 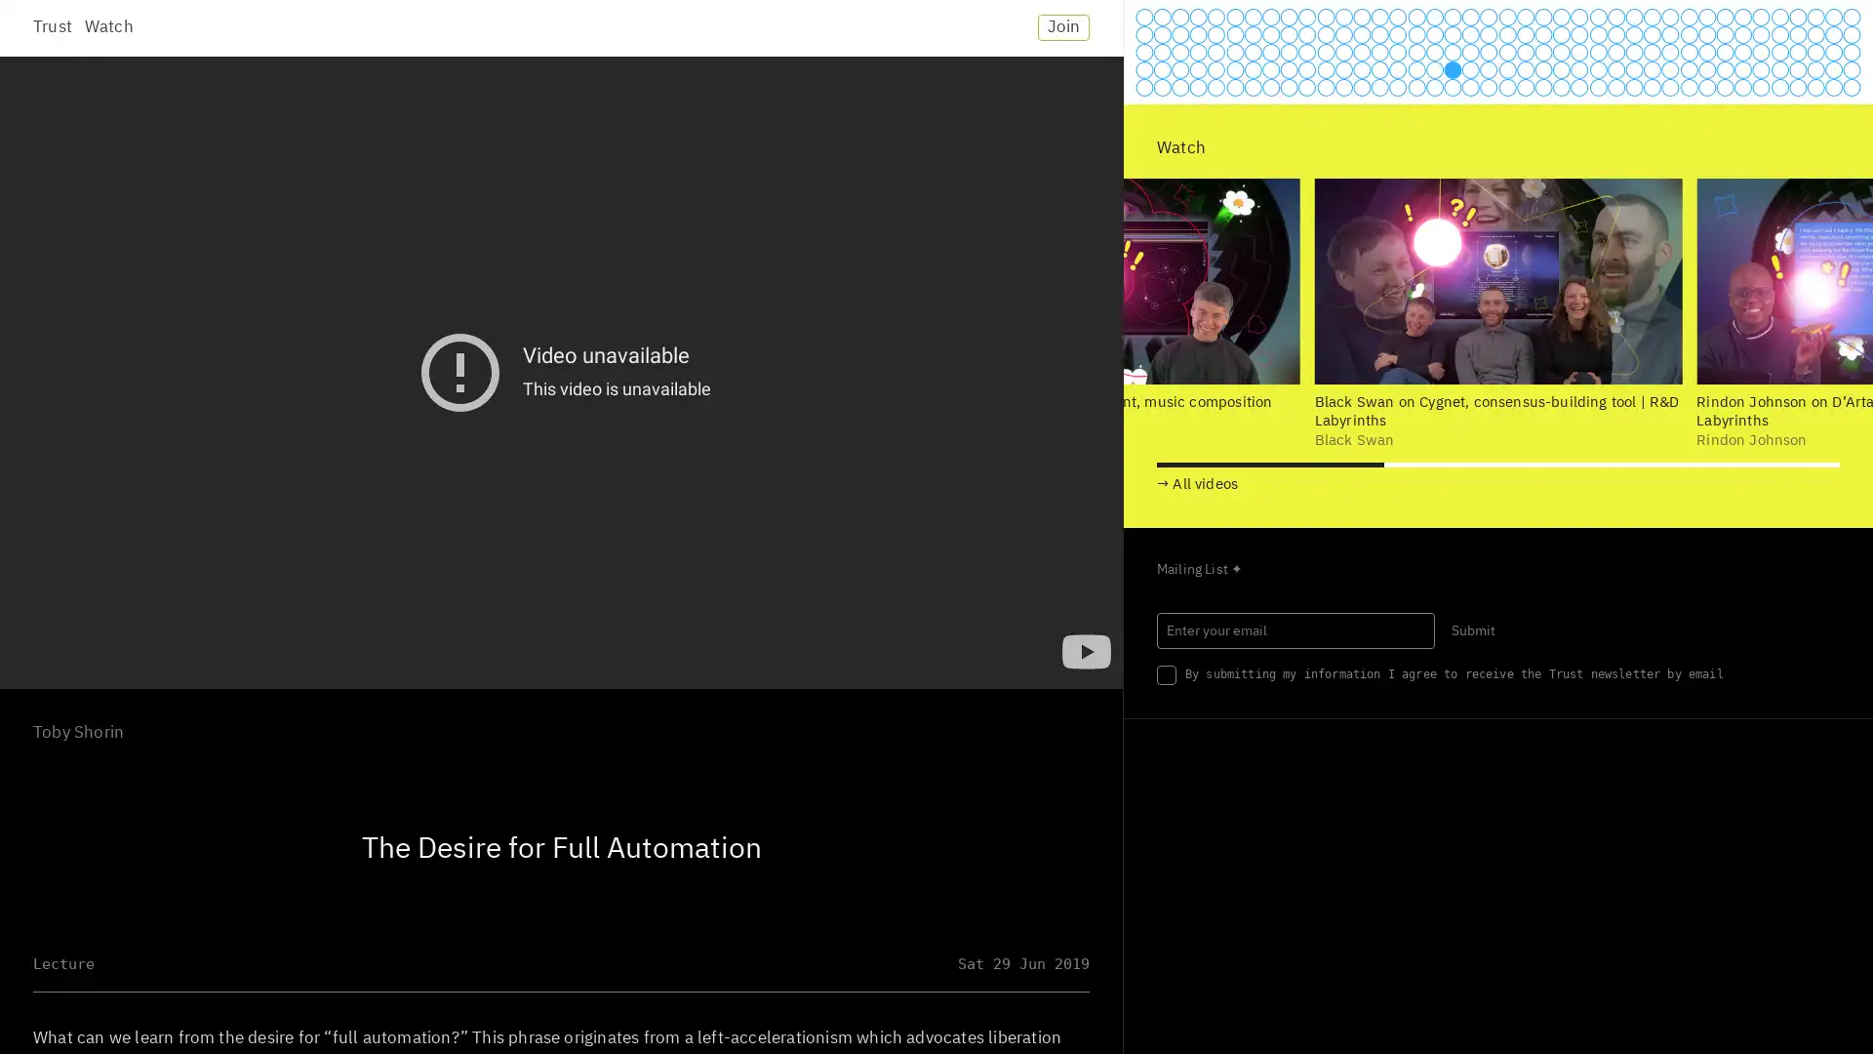 I want to click on Go to slide 2, so click(x=1496, y=464).